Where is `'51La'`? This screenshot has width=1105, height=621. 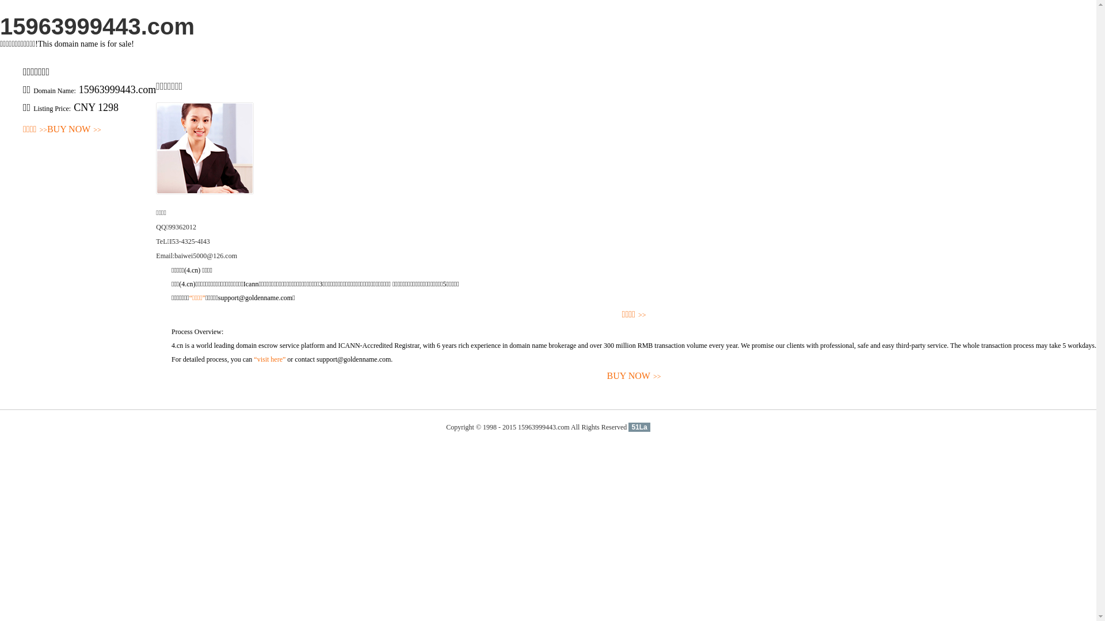
'51La' is located at coordinates (627, 427).